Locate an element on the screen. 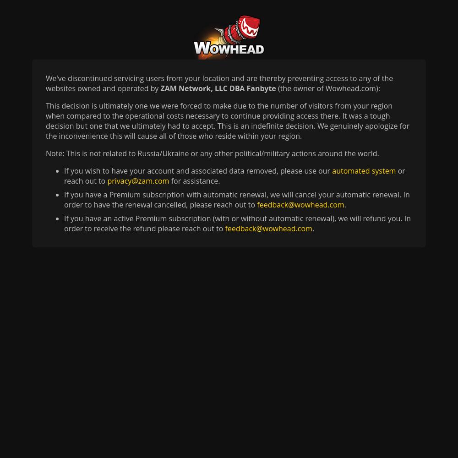 The height and width of the screenshot is (458, 458). 'This decision is ultimately one we were forced to make due to the number of visitors from your region when compared to the operational costs necessary to continue providing access there. It was a tough decision but one that we ultimately had to accept. This is an indefinite decision. We genuinely apologize for the inconvenience this will cause all of those who reside within your region.' is located at coordinates (227, 121).